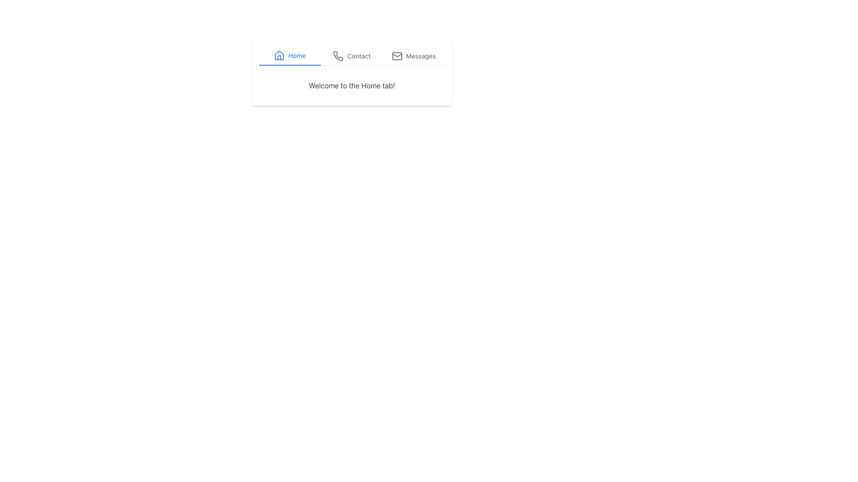 Image resolution: width=858 pixels, height=482 pixels. I want to click on the 'Home' navigation tab button, which is the first item among three tabs, styled with a blue underline and blue text, containing a house icon to the left of the text, so click(290, 56).